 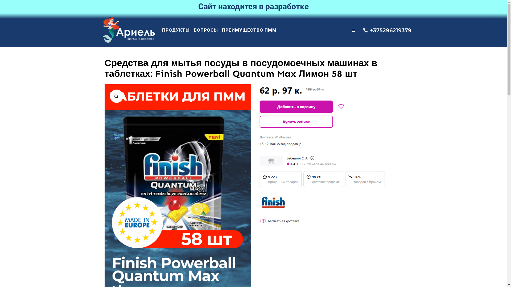 What do you see at coordinates (363, 30) in the screenshot?
I see `'+375296219379'` at bounding box center [363, 30].